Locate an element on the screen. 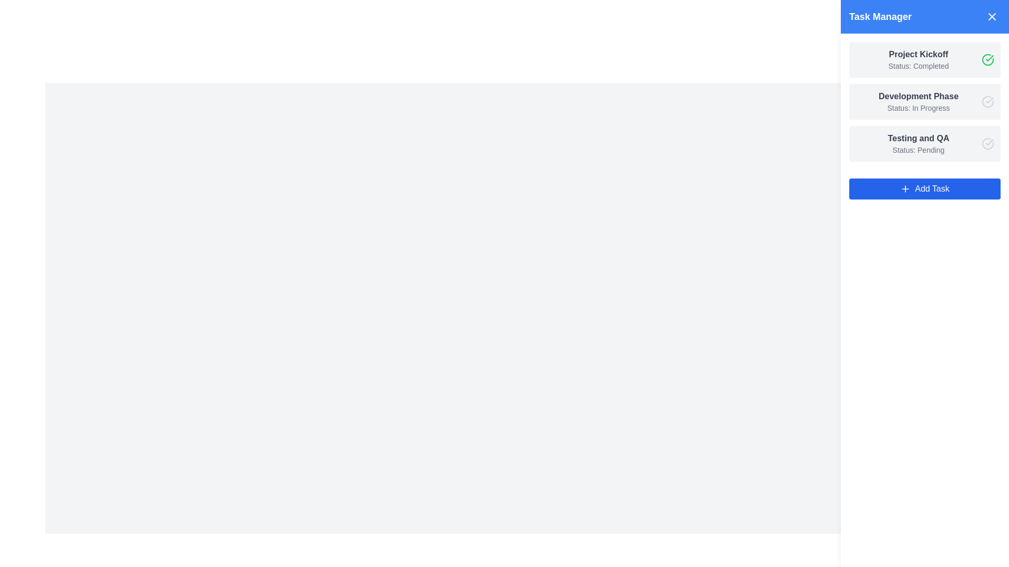 This screenshot has width=1009, height=567. the Close icon styled within an SVG tag located in the top right corner of the blue 'Task Manager' panel is located at coordinates (991, 16).